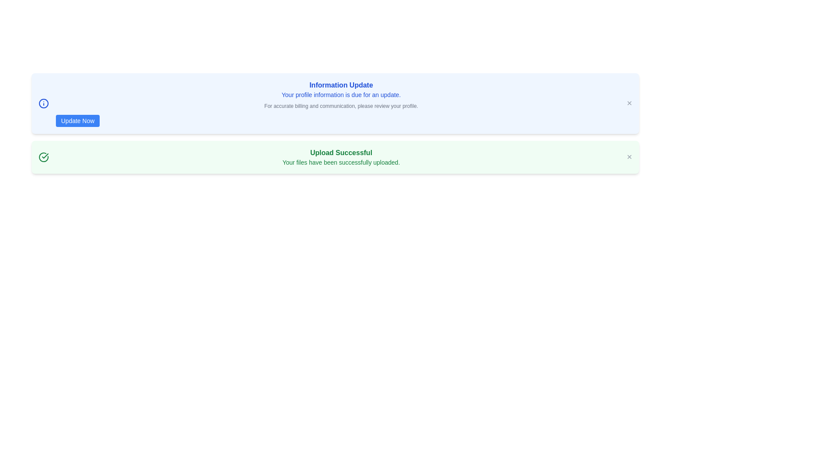  Describe the element at coordinates (629, 157) in the screenshot. I see `the close button located at the top-right corner of the 'Upload Successful' notification` at that location.